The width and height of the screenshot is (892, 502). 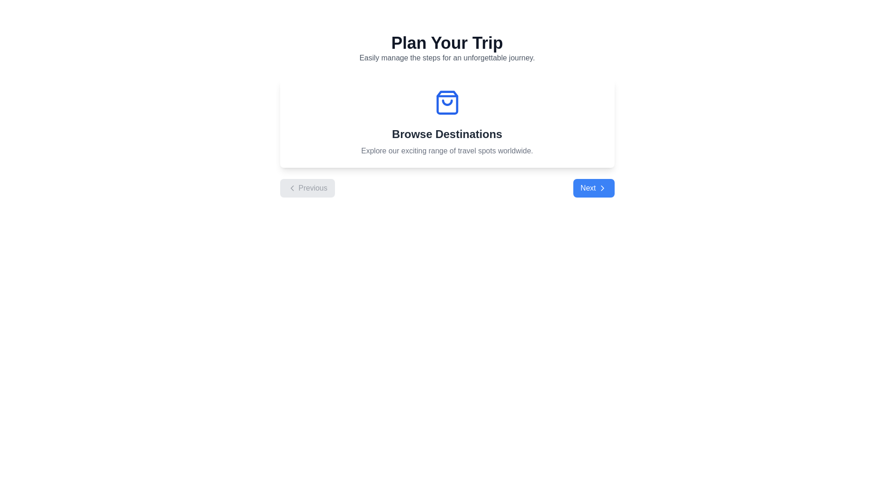 What do you see at coordinates (593, 188) in the screenshot?
I see `the blue 'Next' button with white text and a right-pointing chevron icon located in the bottom right-hand corner of the navigation control` at bounding box center [593, 188].